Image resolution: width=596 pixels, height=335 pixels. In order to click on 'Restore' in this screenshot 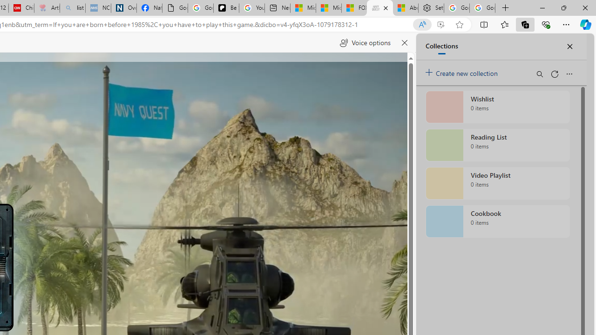, I will do `click(563, 7)`.